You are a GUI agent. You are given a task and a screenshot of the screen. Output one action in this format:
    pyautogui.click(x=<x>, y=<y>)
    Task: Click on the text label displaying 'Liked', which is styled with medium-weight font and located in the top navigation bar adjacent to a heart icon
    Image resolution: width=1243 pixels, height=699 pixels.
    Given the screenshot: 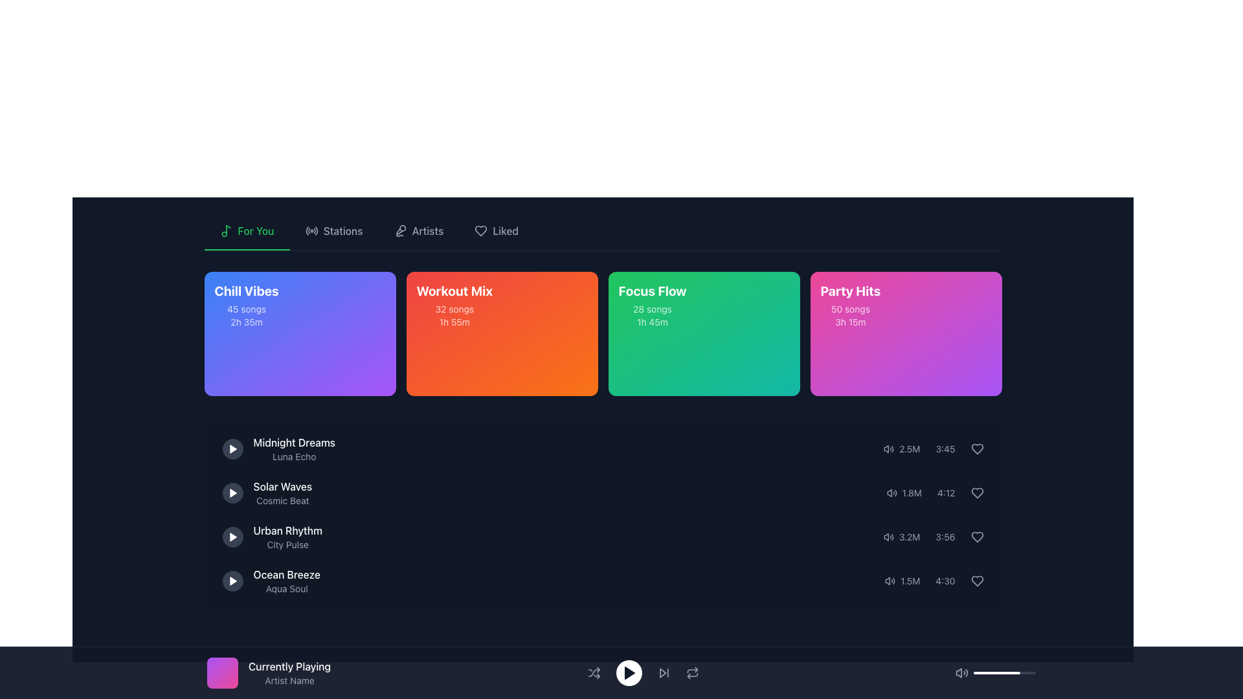 What is the action you would take?
    pyautogui.click(x=505, y=230)
    